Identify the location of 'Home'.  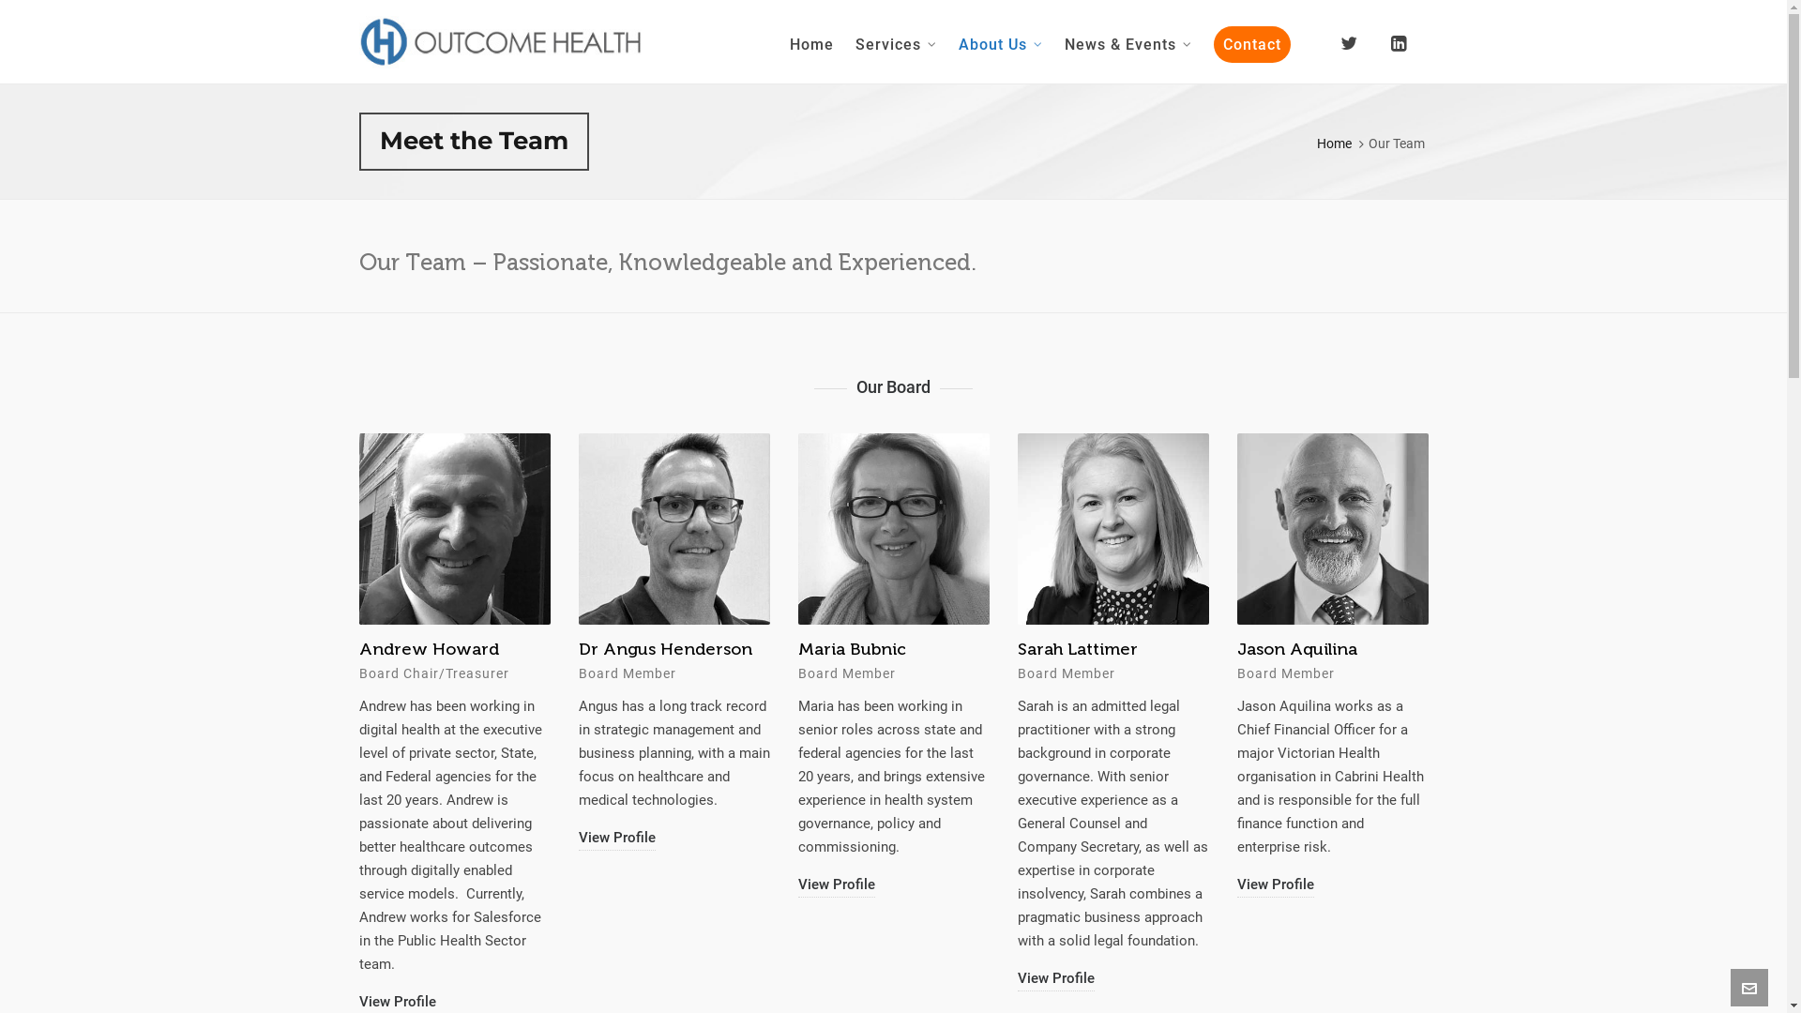
(779, 42).